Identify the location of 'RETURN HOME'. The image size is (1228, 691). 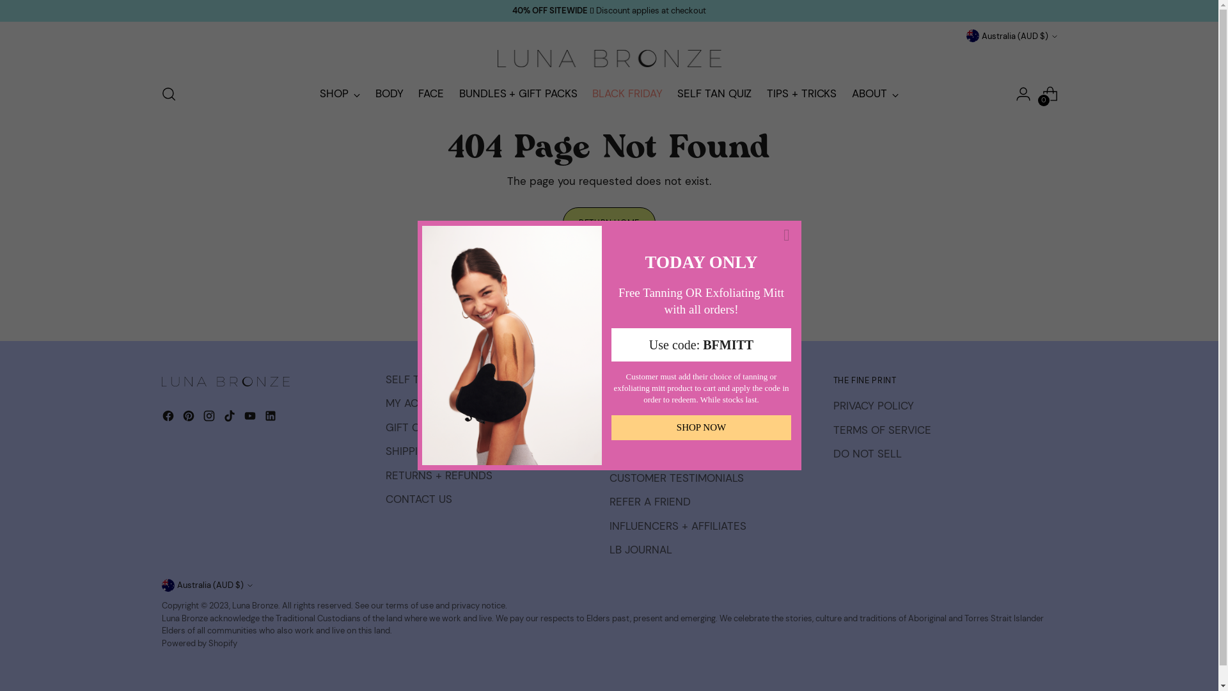
(608, 221).